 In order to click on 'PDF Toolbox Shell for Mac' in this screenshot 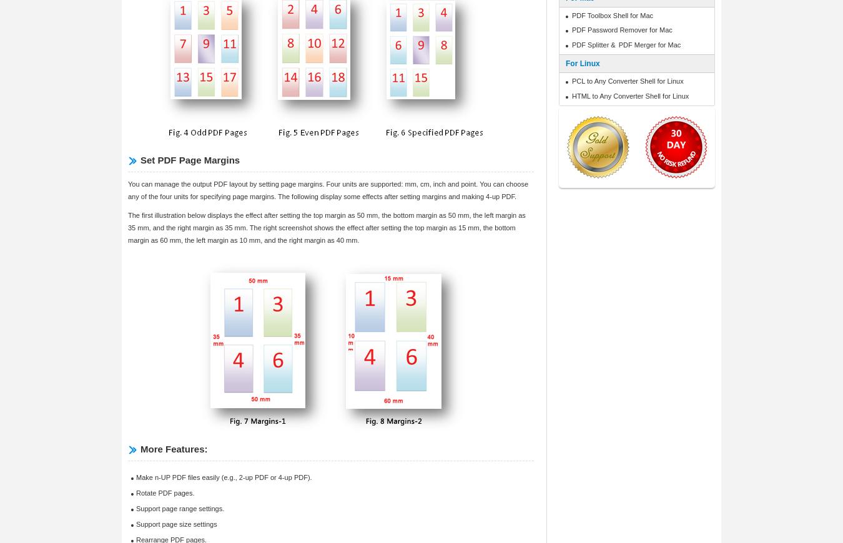, I will do `click(612, 14)`.